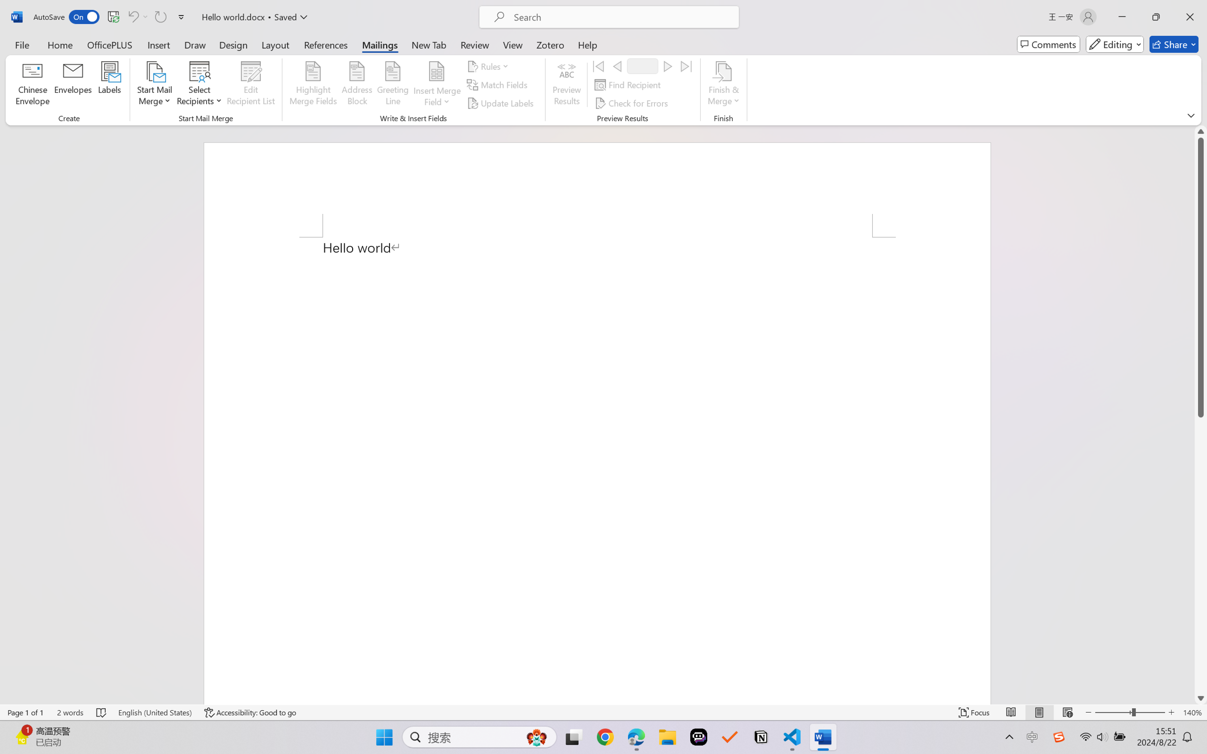 The height and width of the screenshot is (754, 1207). What do you see at coordinates (667, 65) in the screenshot?
I see `'Next'` at bounding box center [667, 65].